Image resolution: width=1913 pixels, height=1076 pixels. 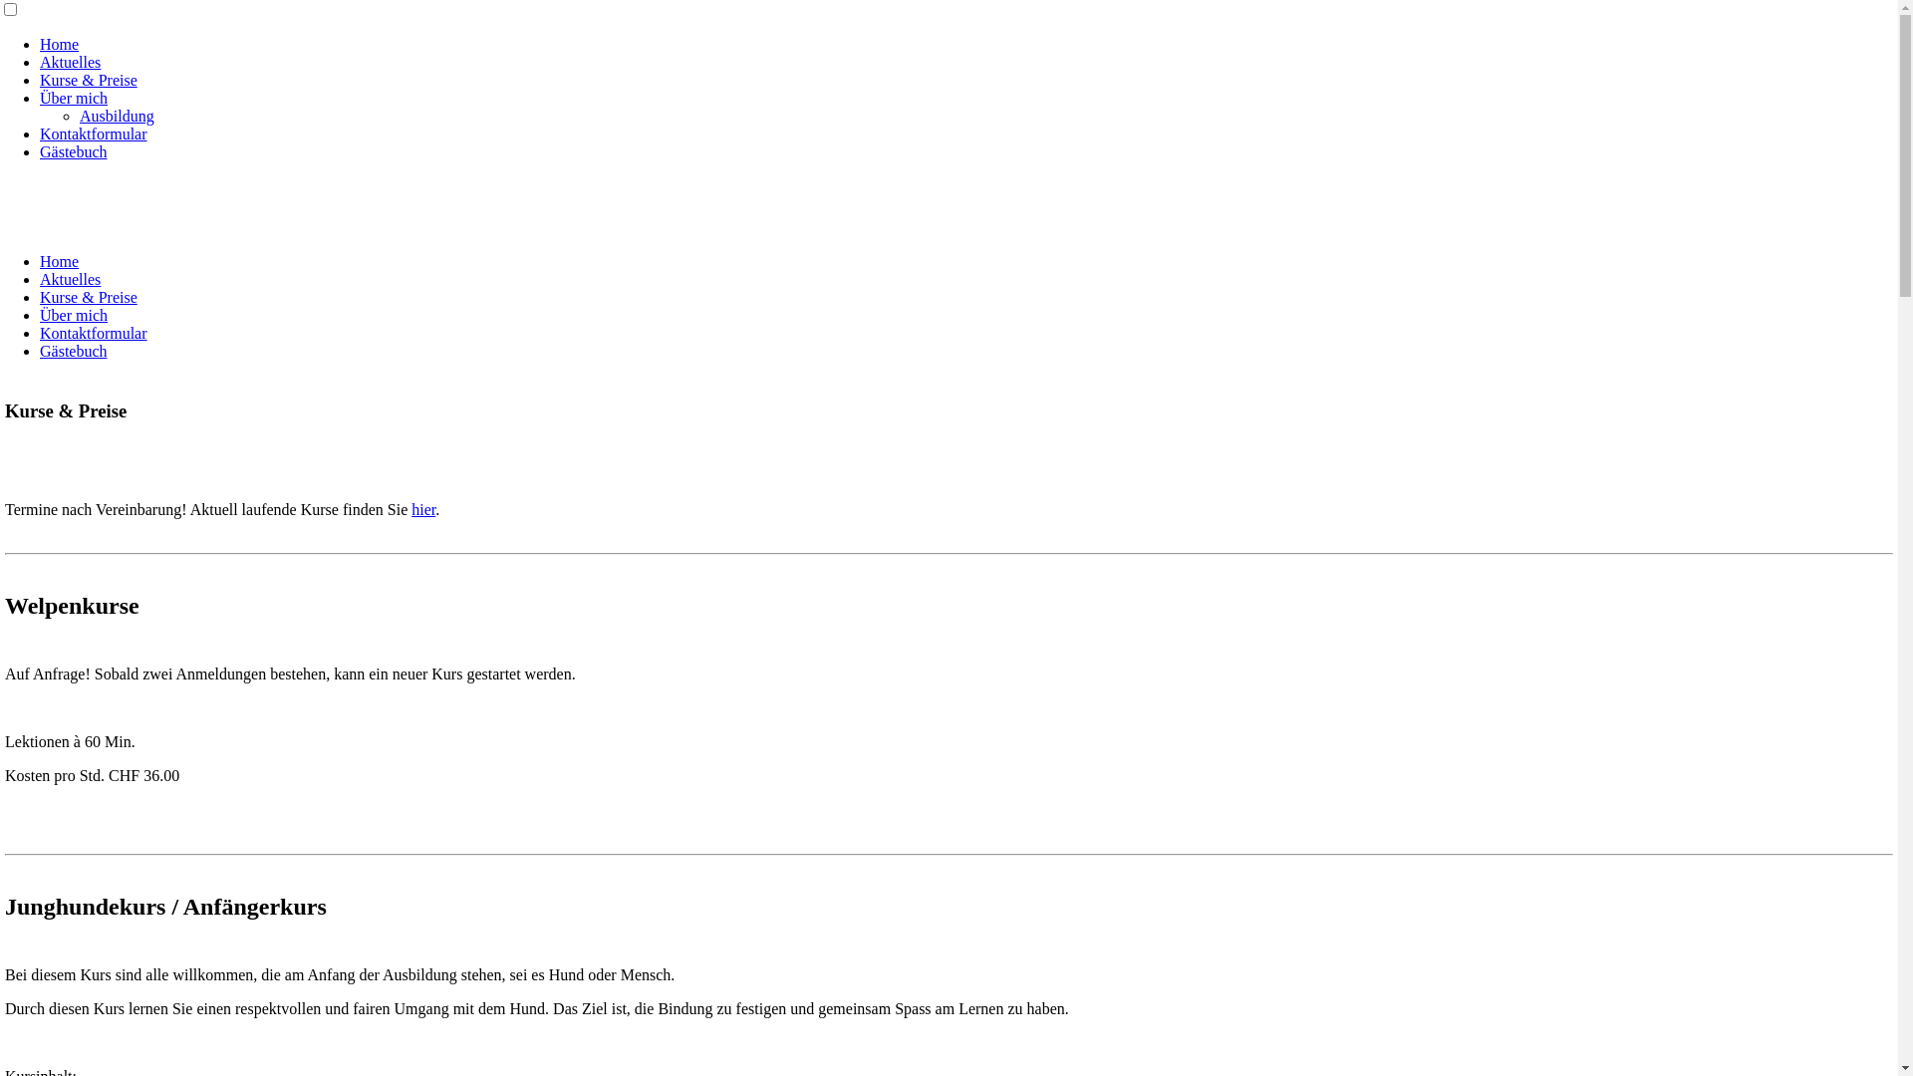 I want to click on 'hier', so click(x=422, y=508).